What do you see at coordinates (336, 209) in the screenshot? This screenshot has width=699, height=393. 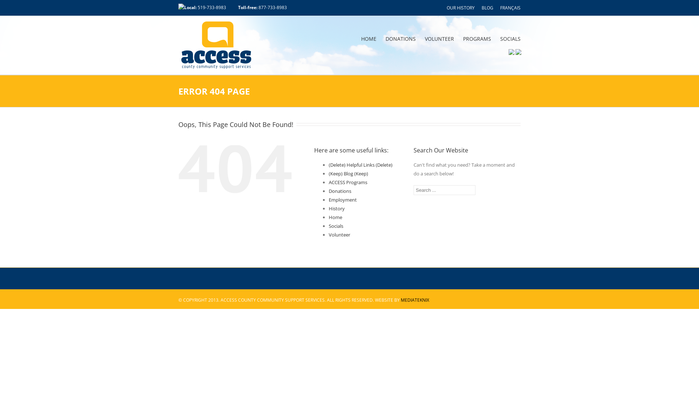 I see `'History'` at bounding box center [336, 209].